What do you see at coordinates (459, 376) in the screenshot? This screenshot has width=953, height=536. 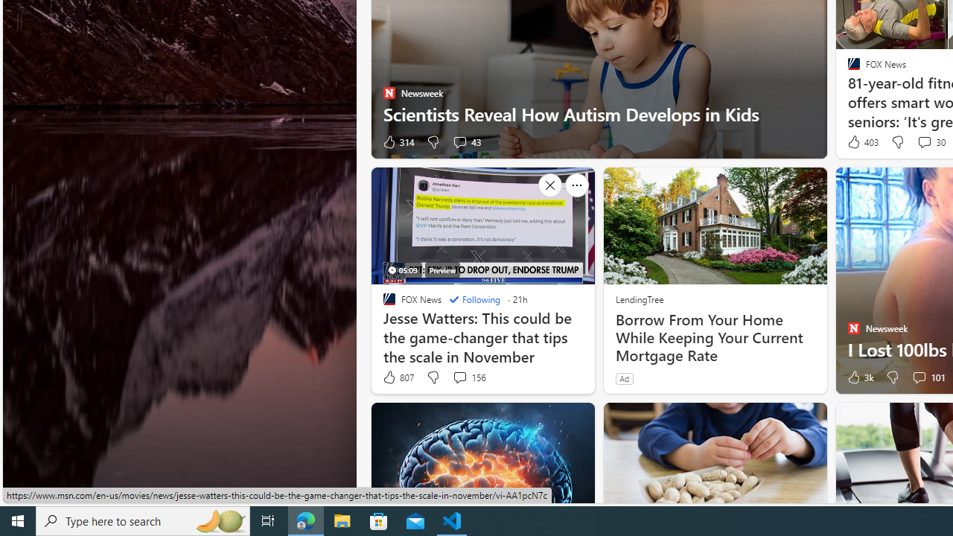 I see `'View comments 156 Comment'` at bounding box center [459, 376].